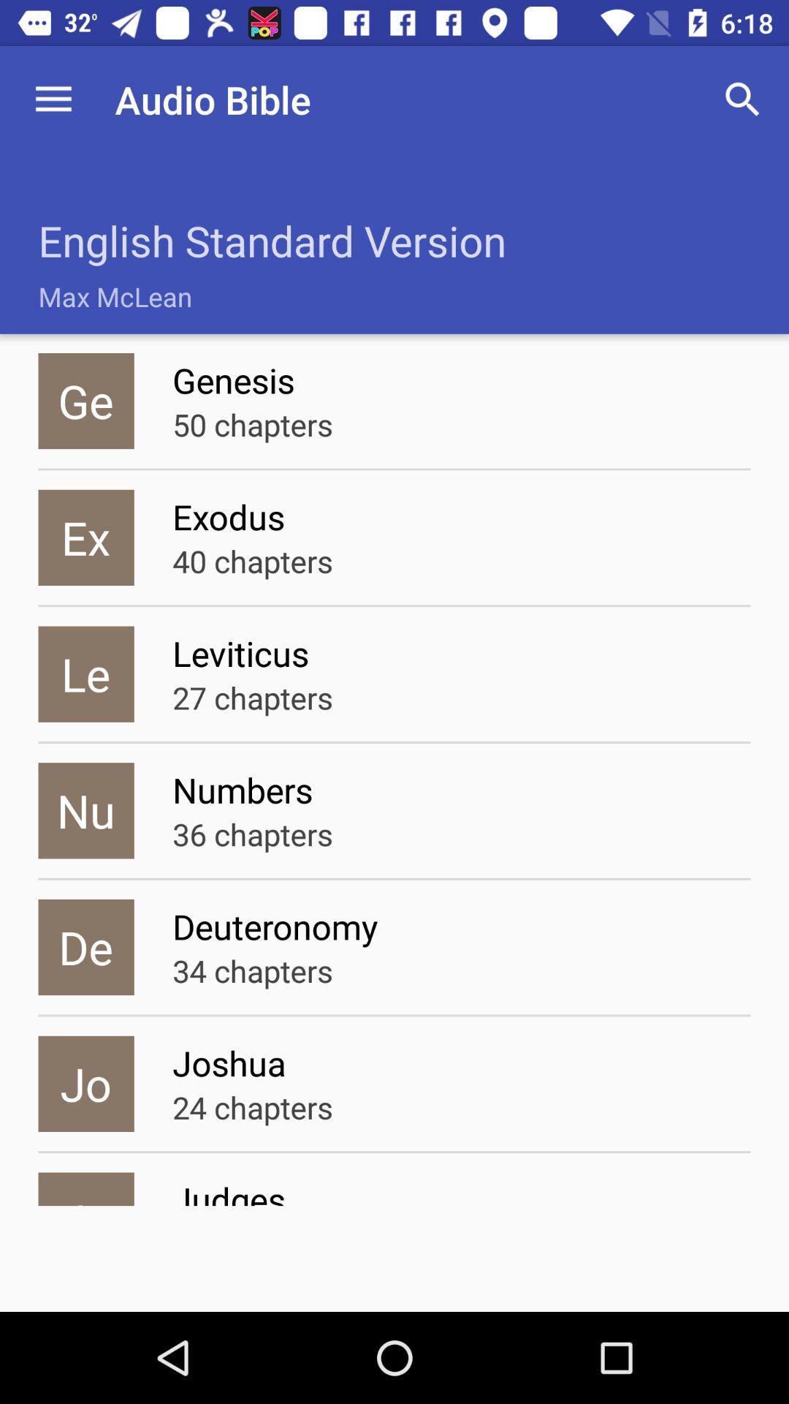 The image size is (789, 1404). I want to click on icon below exodus item, so click(252, 560).